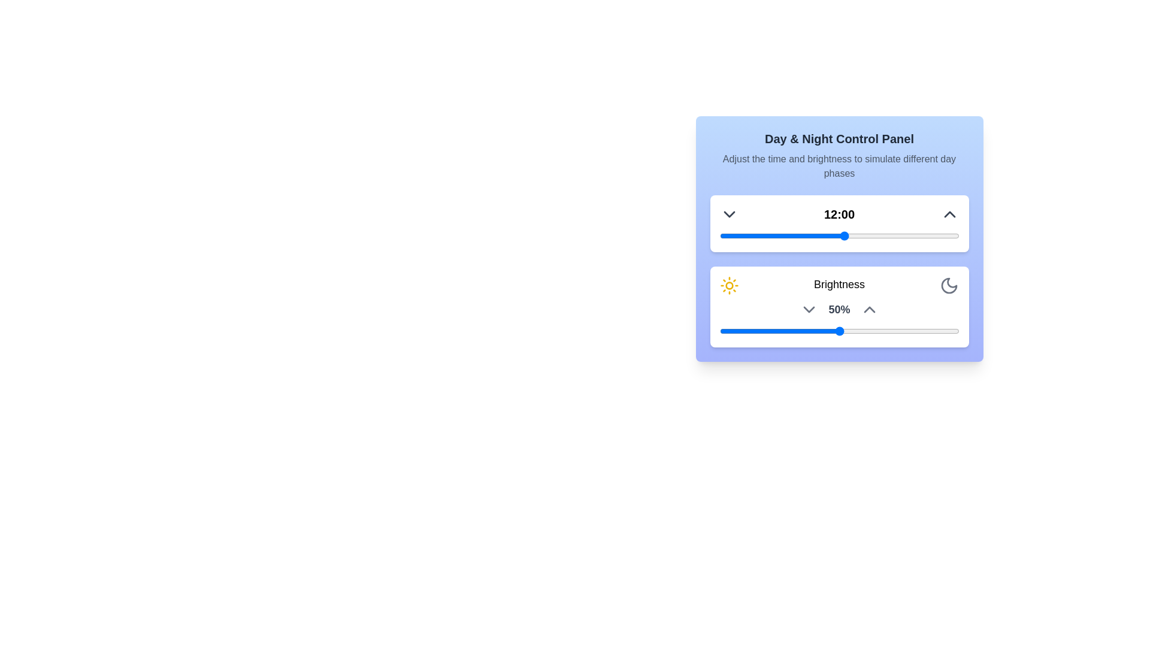 The height and width of the screenshot is (647, 1150). I want to click on the text display showing '50%' in bold and large font, located in the lower section of the 'Brightness' card within the 'Day & Night Control Panel', positioned between the up and down arrow icons, so click(839, 309).